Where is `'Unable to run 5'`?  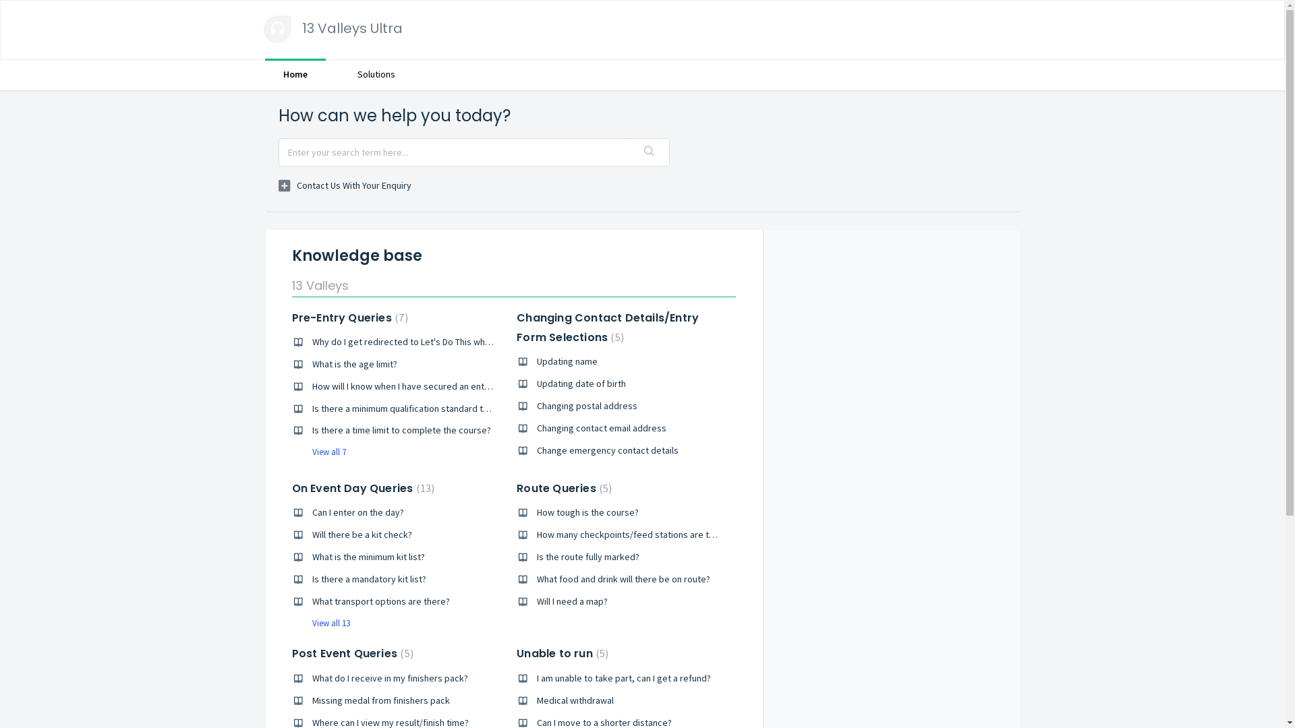 'Unable to run 5' is located at coordinates (563, 653).